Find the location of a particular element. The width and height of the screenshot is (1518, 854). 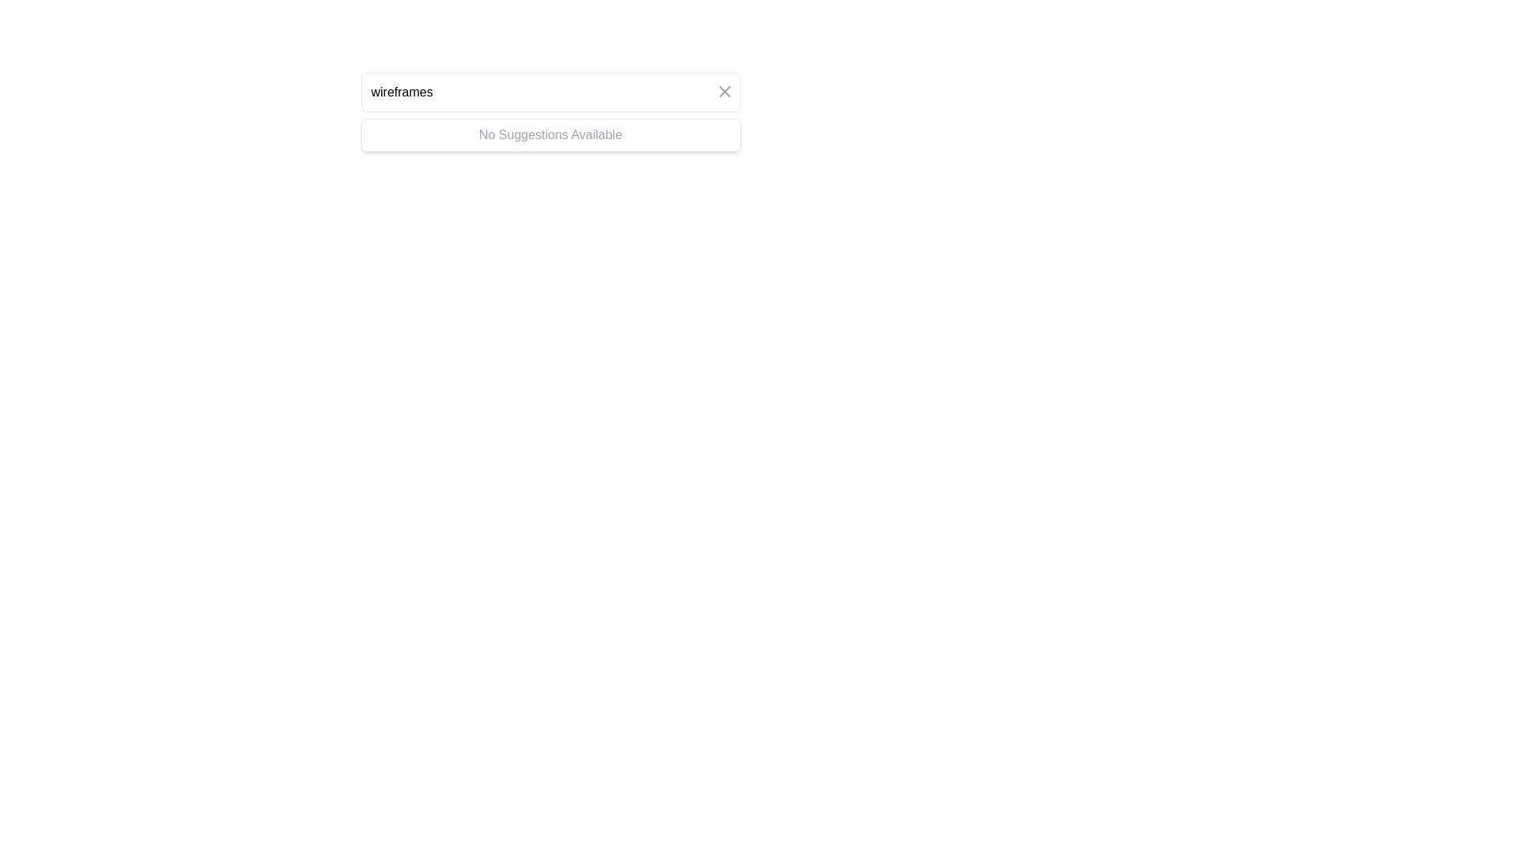

the 'X' icon button located at the top-right corner of the input field with placeholder 'wireframes' is located at coordinates (723, 91).